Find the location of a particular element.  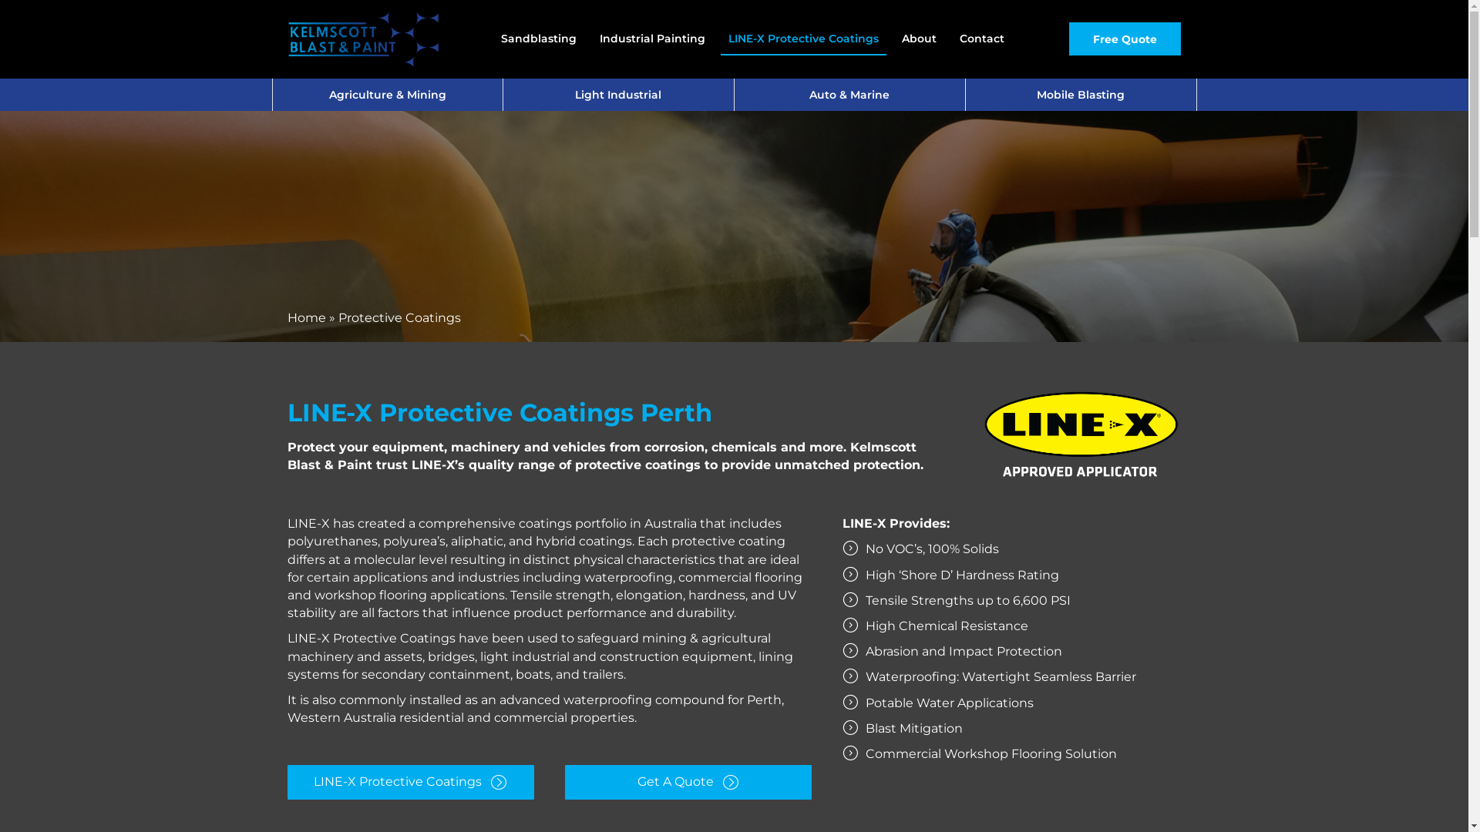

'Free Quote' is located at coordinates (1125, 38).